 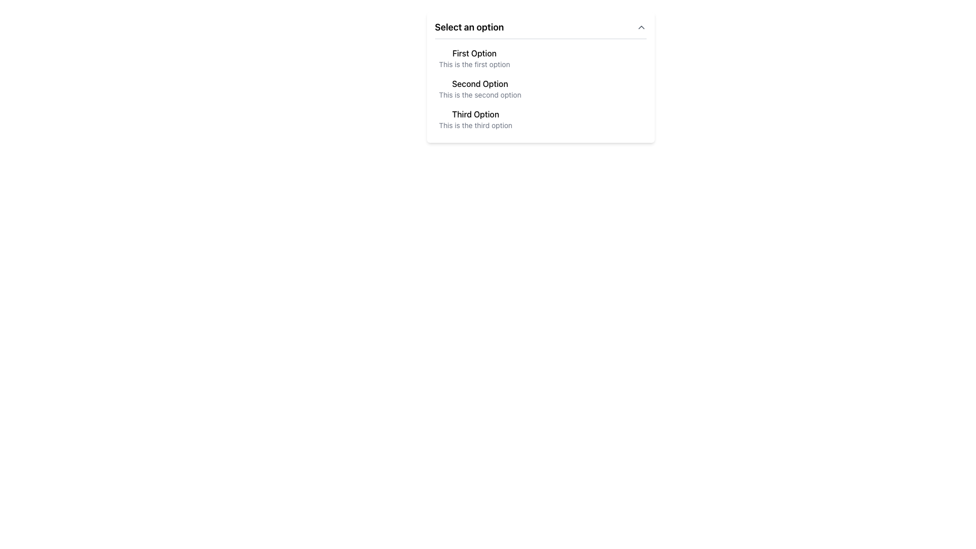 What do you see at coordinates (640, 27) in the screenshot?
I see `the chevron icon located at the far right of the dropdown menu` at bounding box center [640, 27].